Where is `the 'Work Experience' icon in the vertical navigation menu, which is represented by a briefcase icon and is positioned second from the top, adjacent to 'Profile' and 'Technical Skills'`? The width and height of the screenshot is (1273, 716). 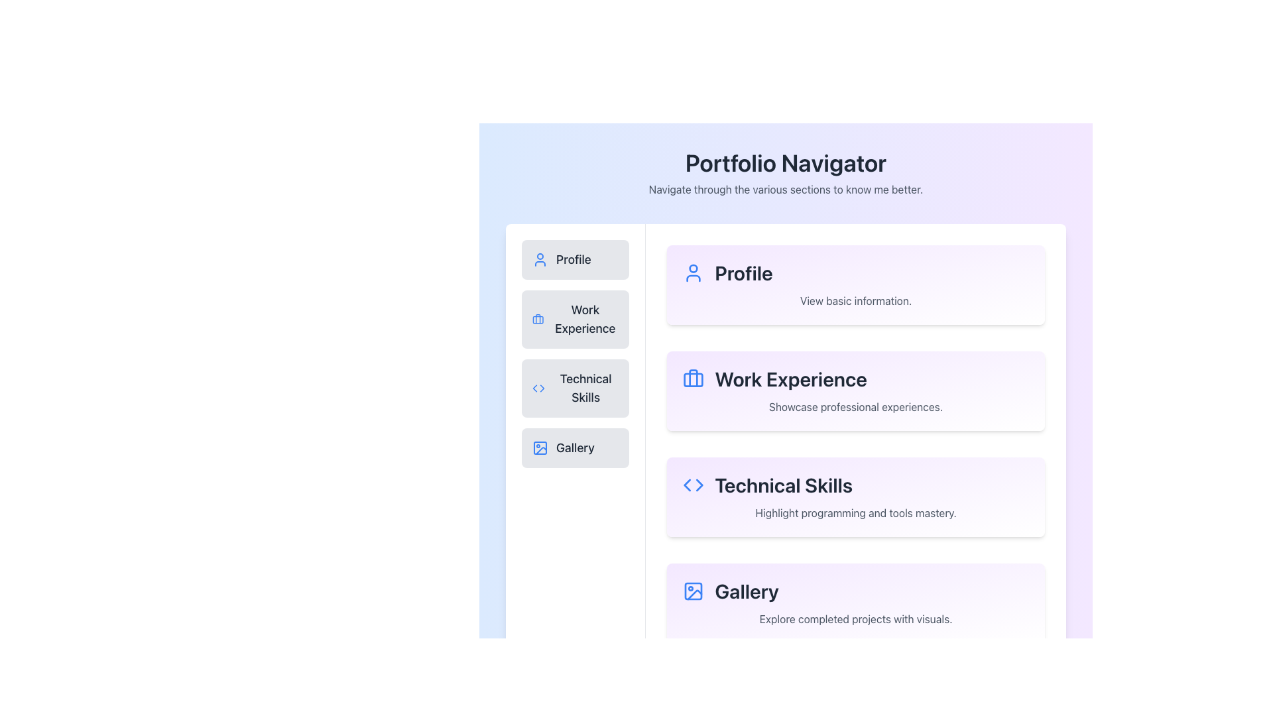
the 'Work Experience' icon in the vertical navigation menu, which is represented by a briefcase icon and is positioned second from the top, adjacent to 'Profile' and 'Technical Skills' is located at coordinates (693, 378).